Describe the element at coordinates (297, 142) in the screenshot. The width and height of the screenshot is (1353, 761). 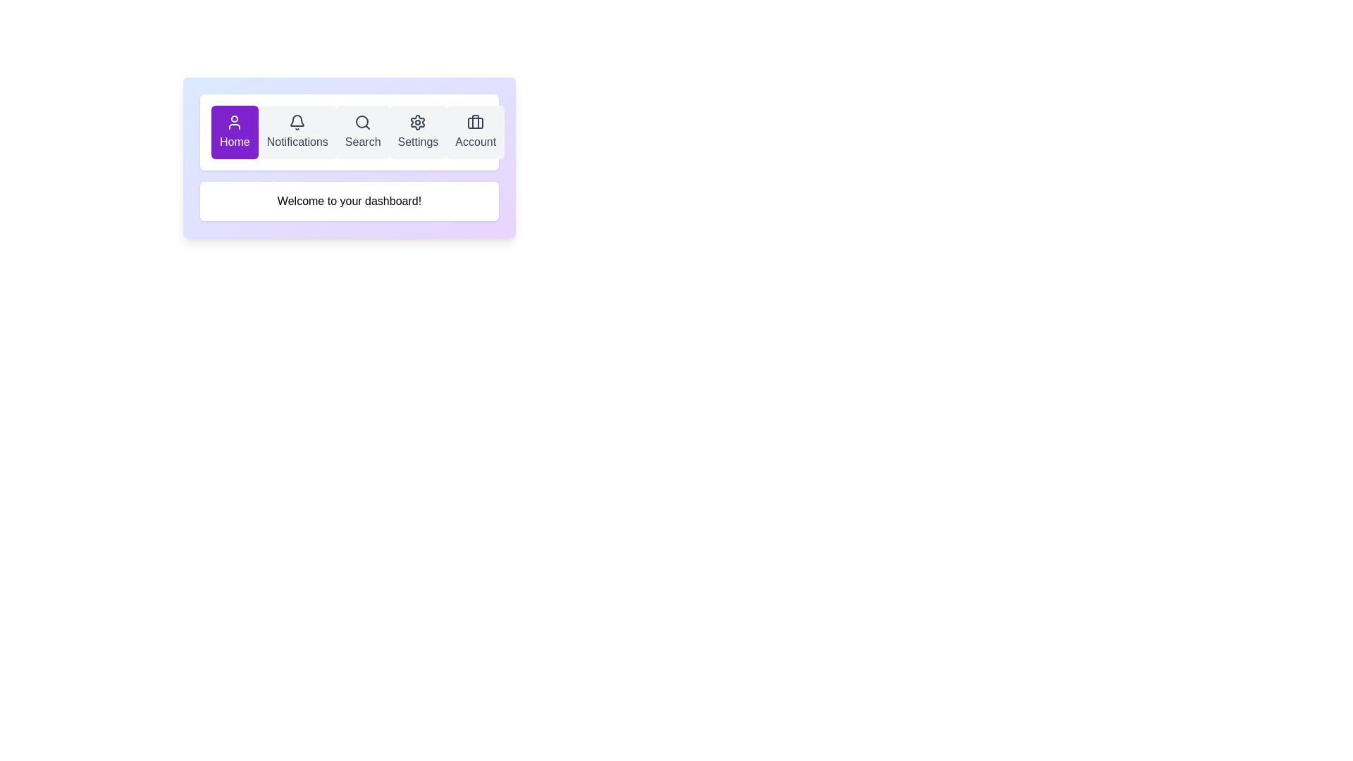
I see `the 'Notifications' label, which is styled in gray and displays the word 'Notifications', located below a bell icon and positioned between 'Home' and 'Search' in the top center menu` at that location.